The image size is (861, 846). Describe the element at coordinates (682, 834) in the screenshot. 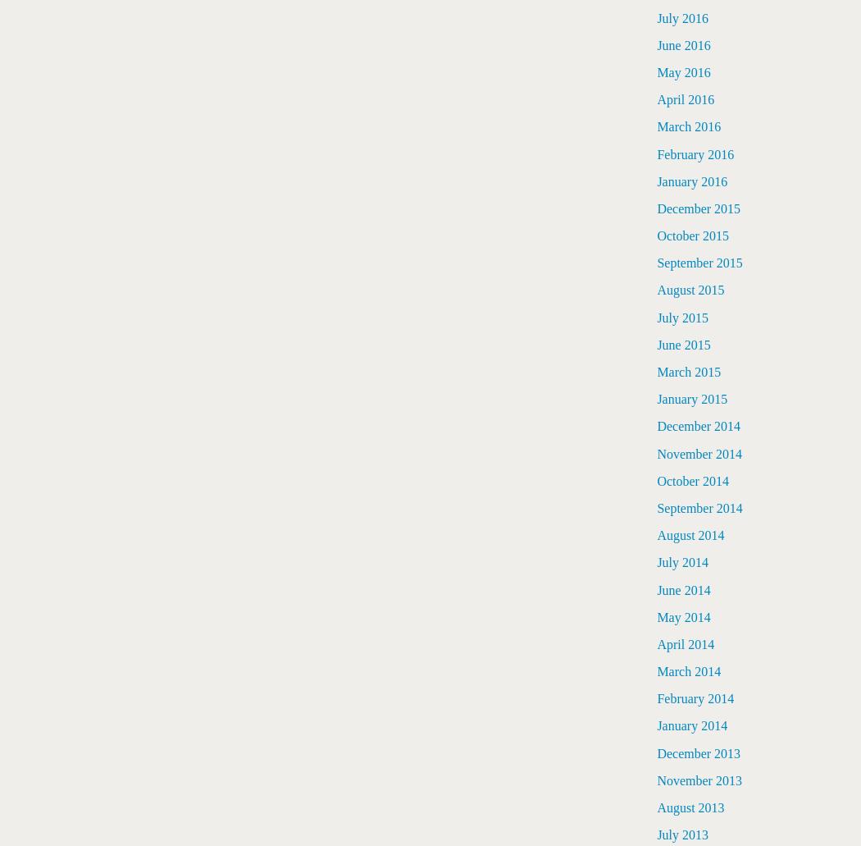

I see `'July 2013'` at that location.